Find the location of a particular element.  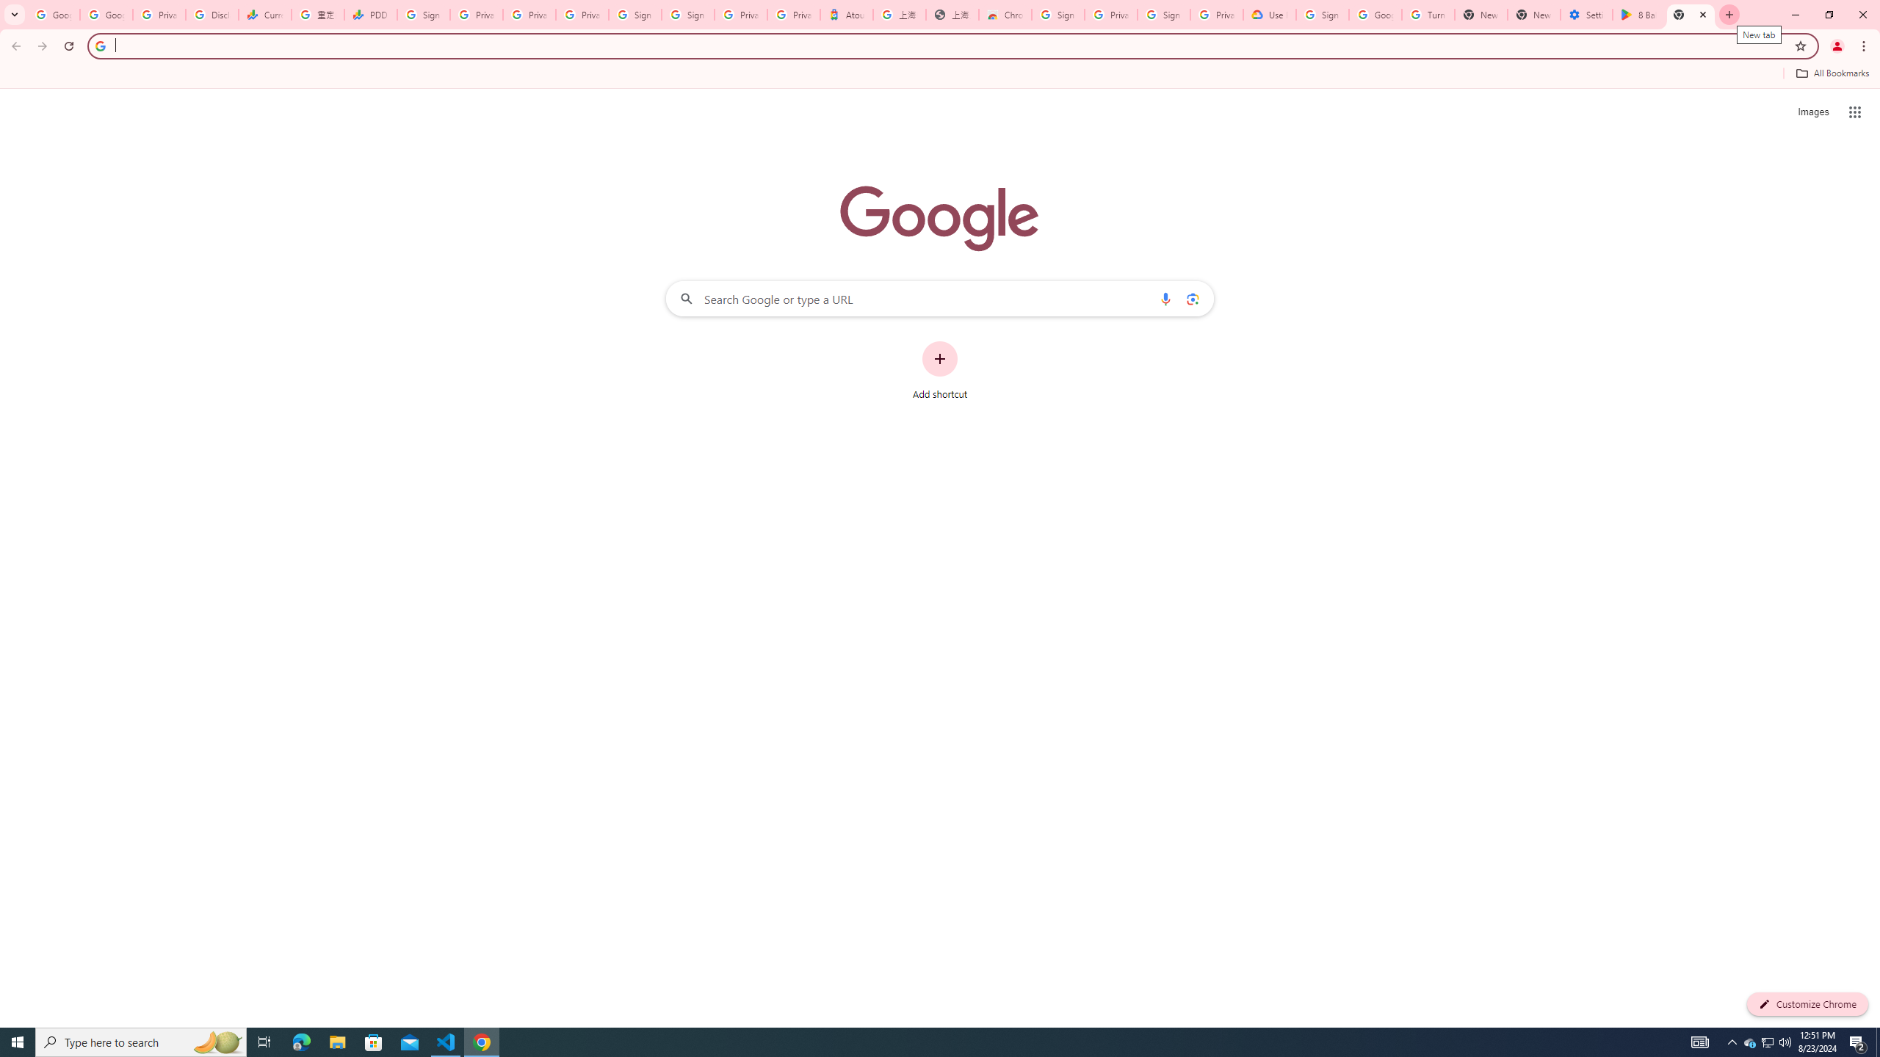

'Search for Images ' is located at coordinates (1813, 112).